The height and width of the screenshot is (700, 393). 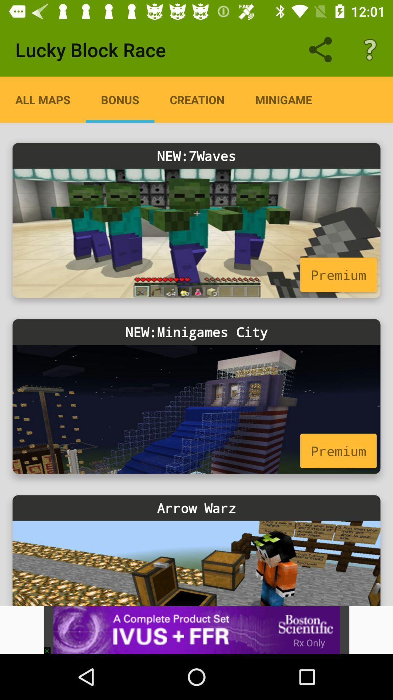 I want to click on the item next to the bonus app, so click(x=43, y=99).